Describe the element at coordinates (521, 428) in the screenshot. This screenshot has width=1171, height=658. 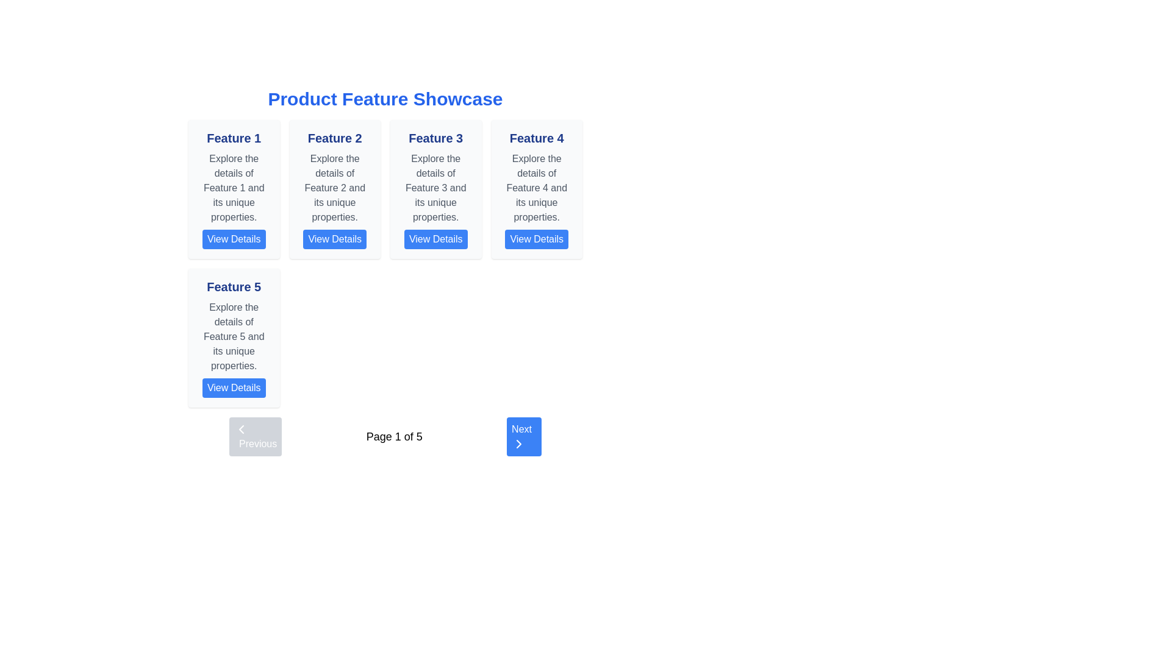
I see `the 'Next' text label which is styled with white font on a blue button, located at the bottom-right corner of the interface` at that location.